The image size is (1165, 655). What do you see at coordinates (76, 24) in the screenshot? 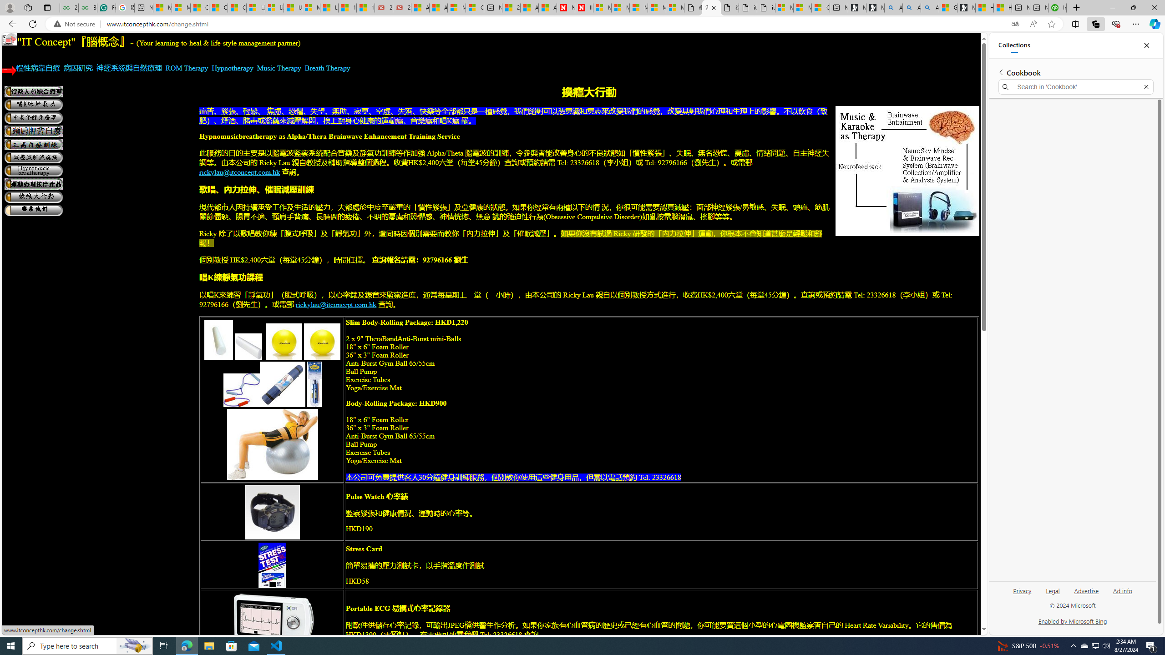
I see `'Not secure'` at bounding box center [76, 24].